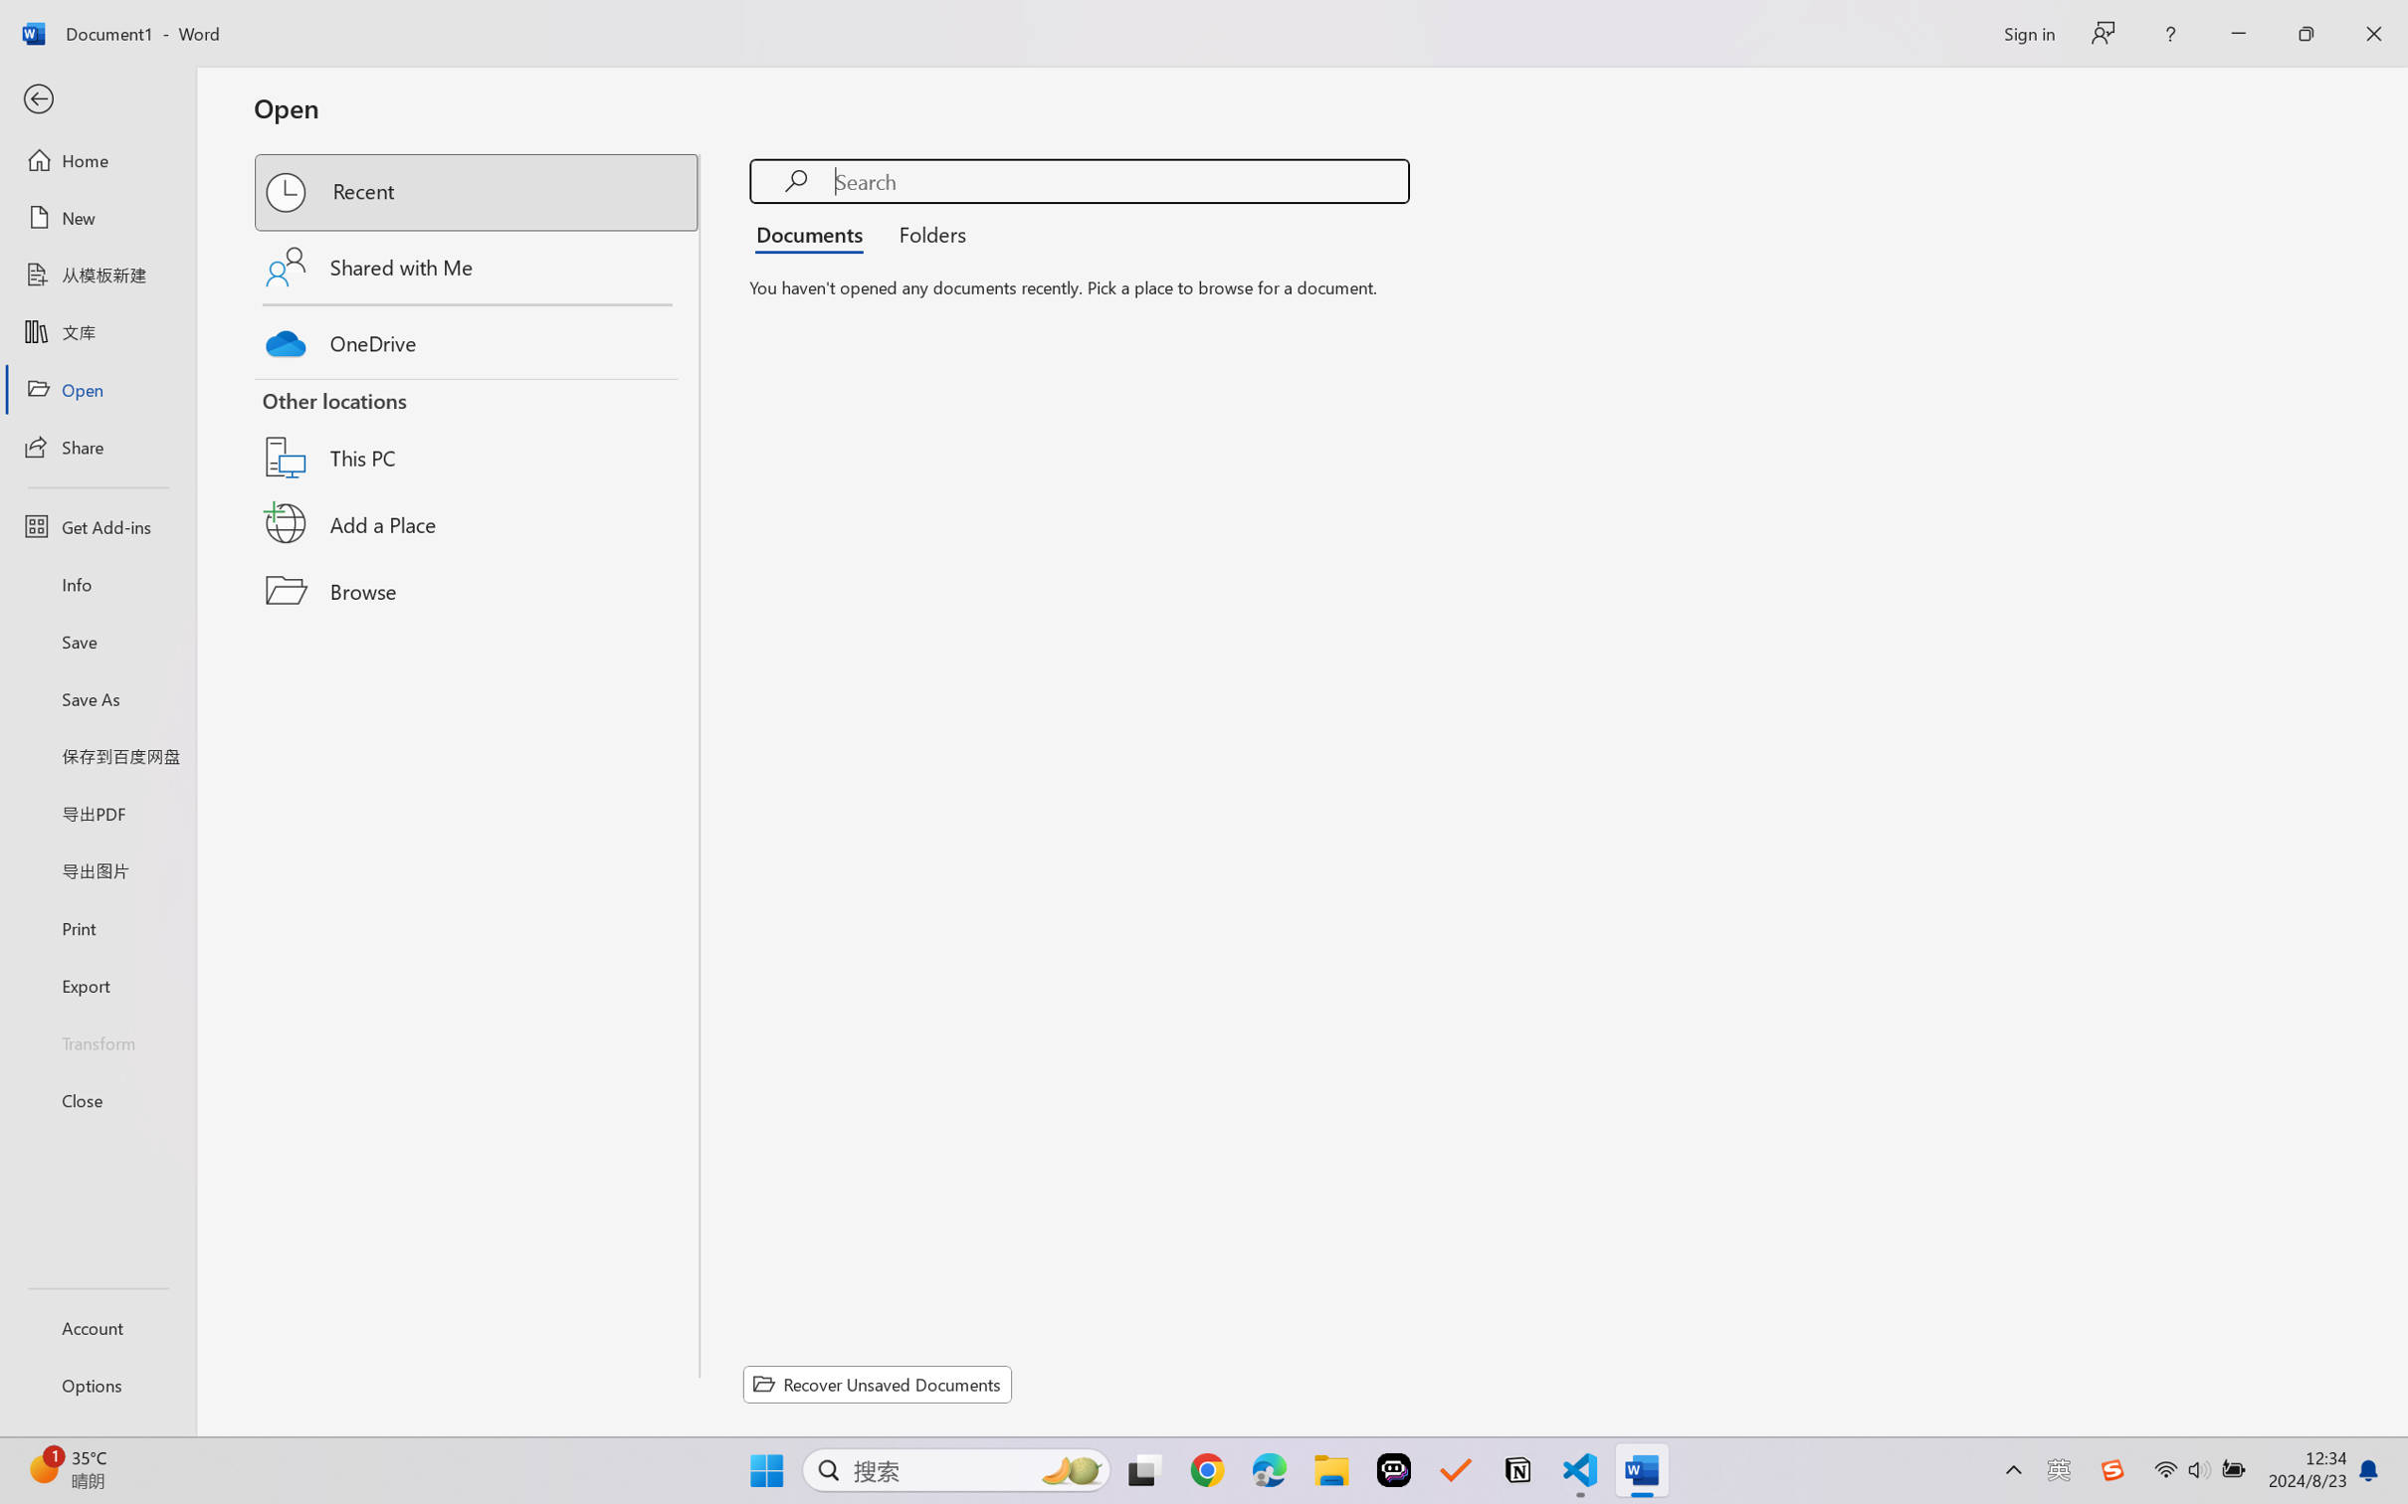  What do you see at coordinates (926, 232) in the screenshot?
I see `'Folders'` at bounding box center [926, 232].